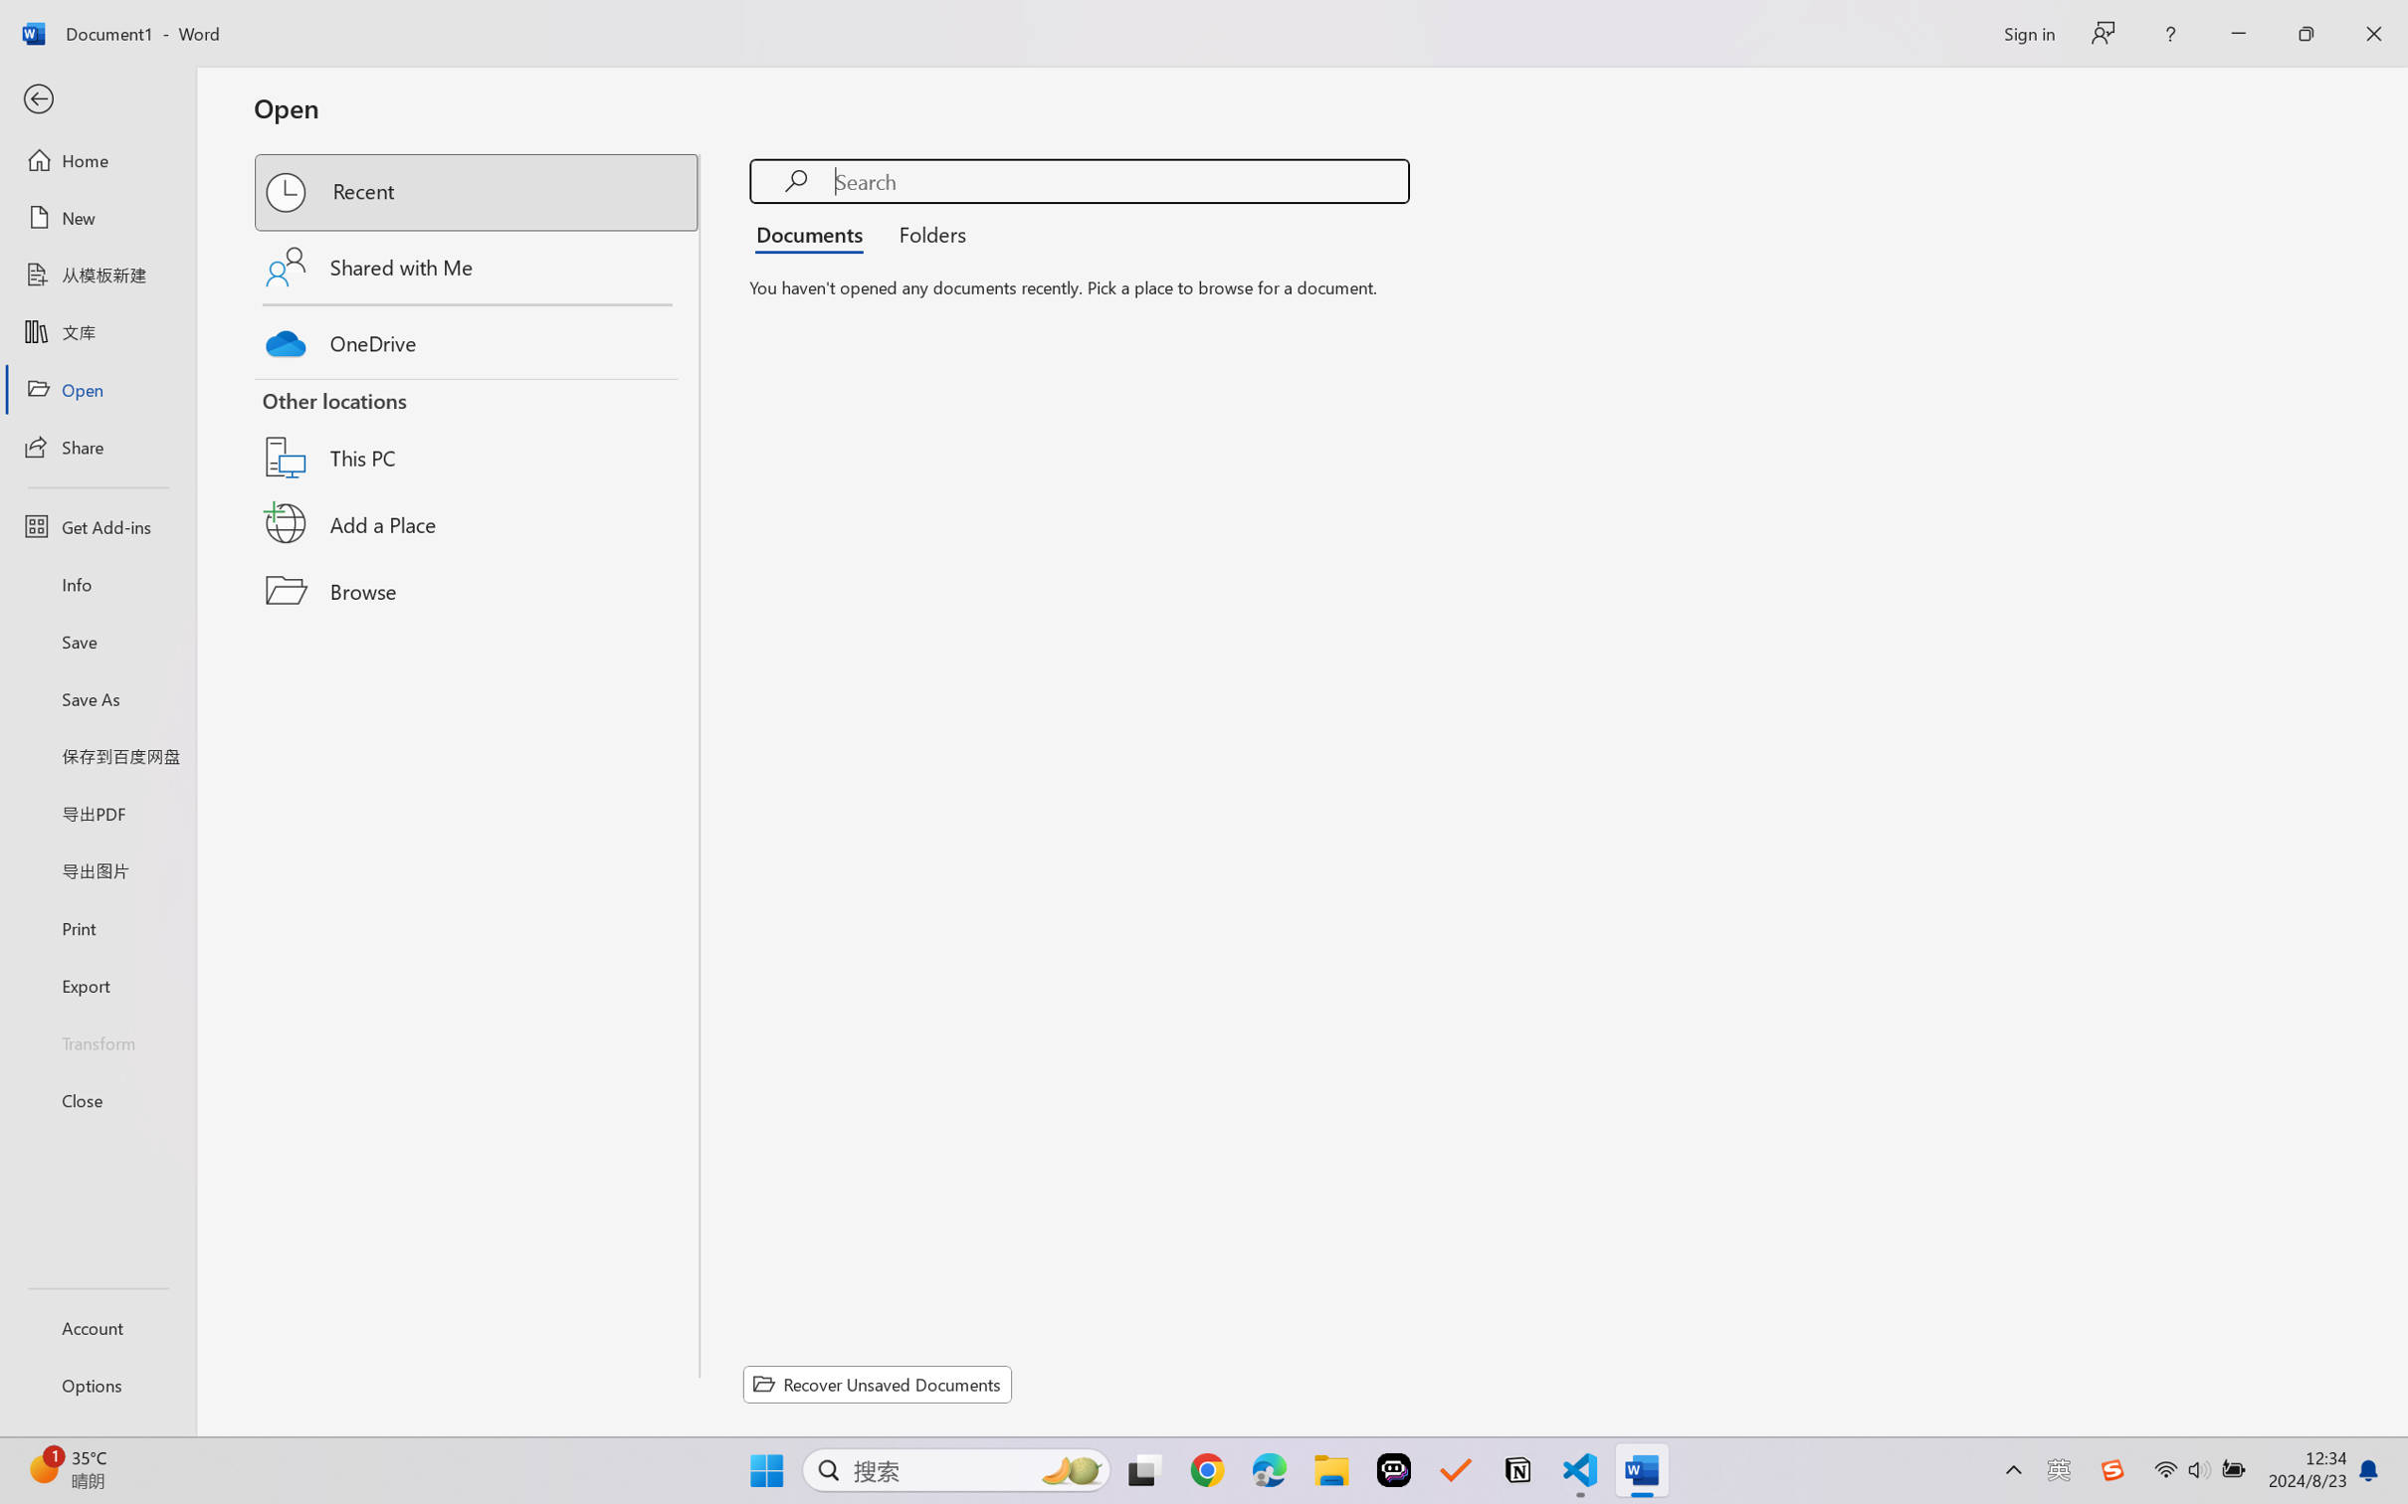  What do you see at coordinates (926, 232) in the screenshot?
I see `'Folders'` at bounding box center [926, 232].